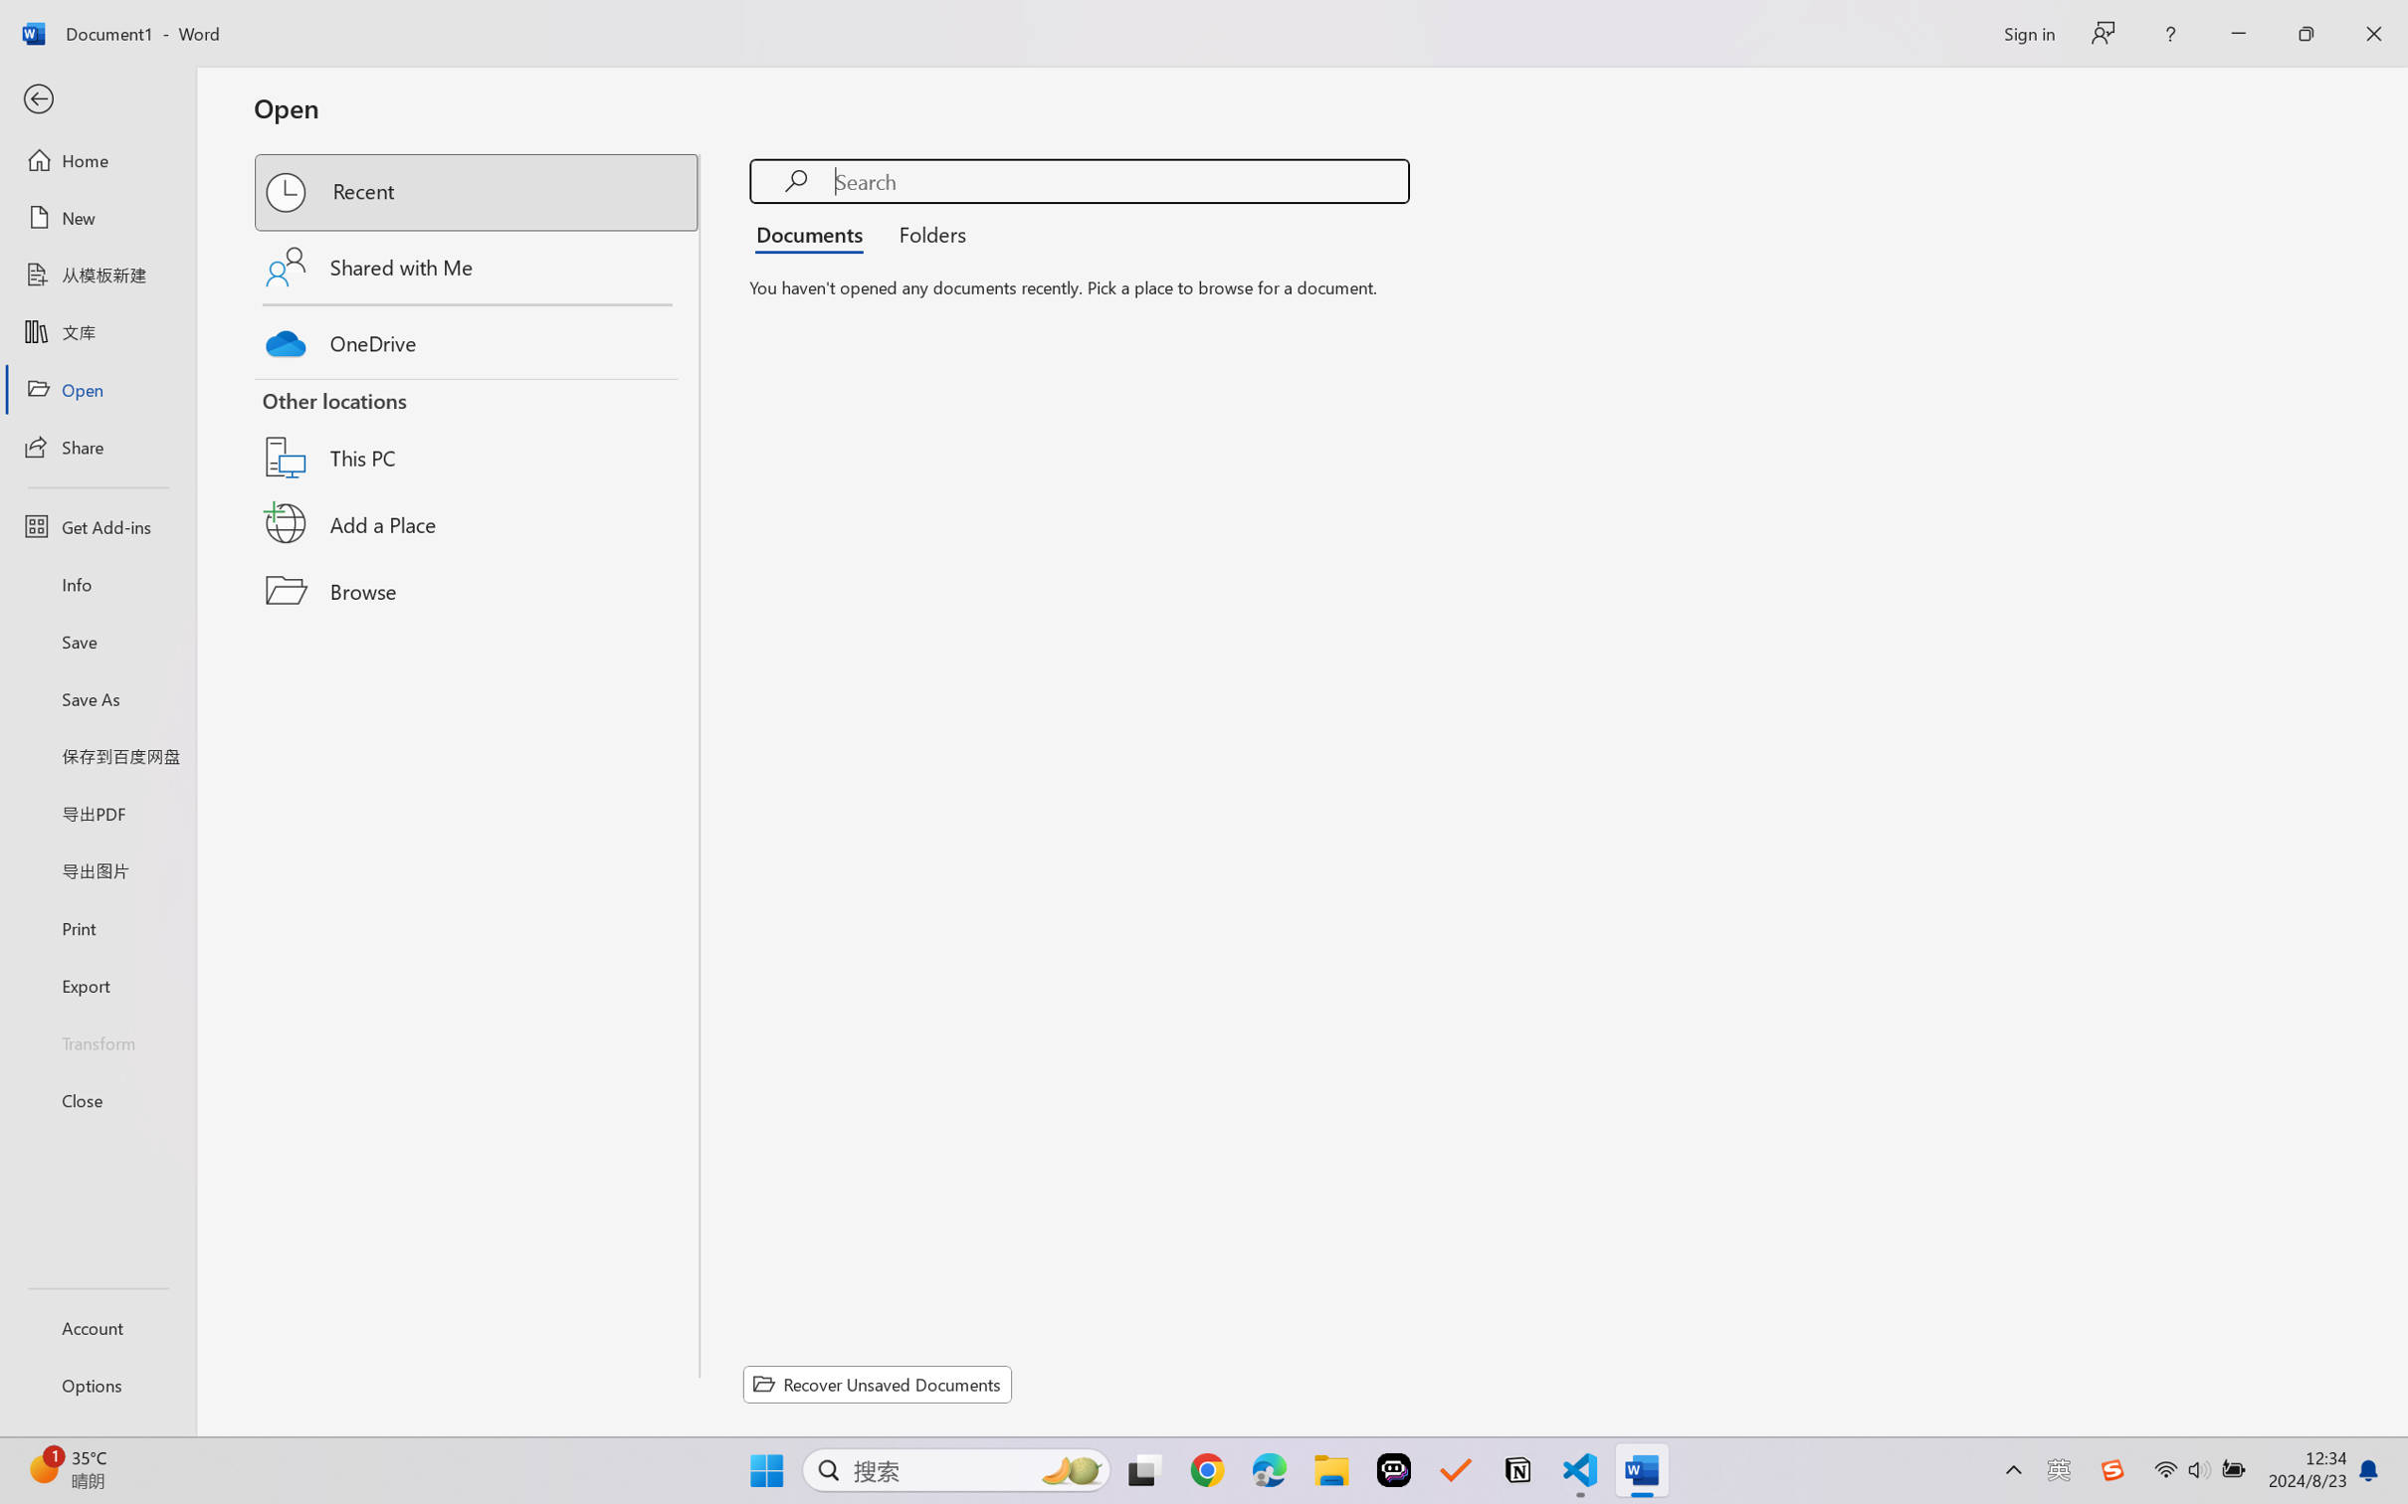  What do you see at coordinates (926, 232) in the screenshot?
I see `'Folders'` at bounding box center [926, 232].